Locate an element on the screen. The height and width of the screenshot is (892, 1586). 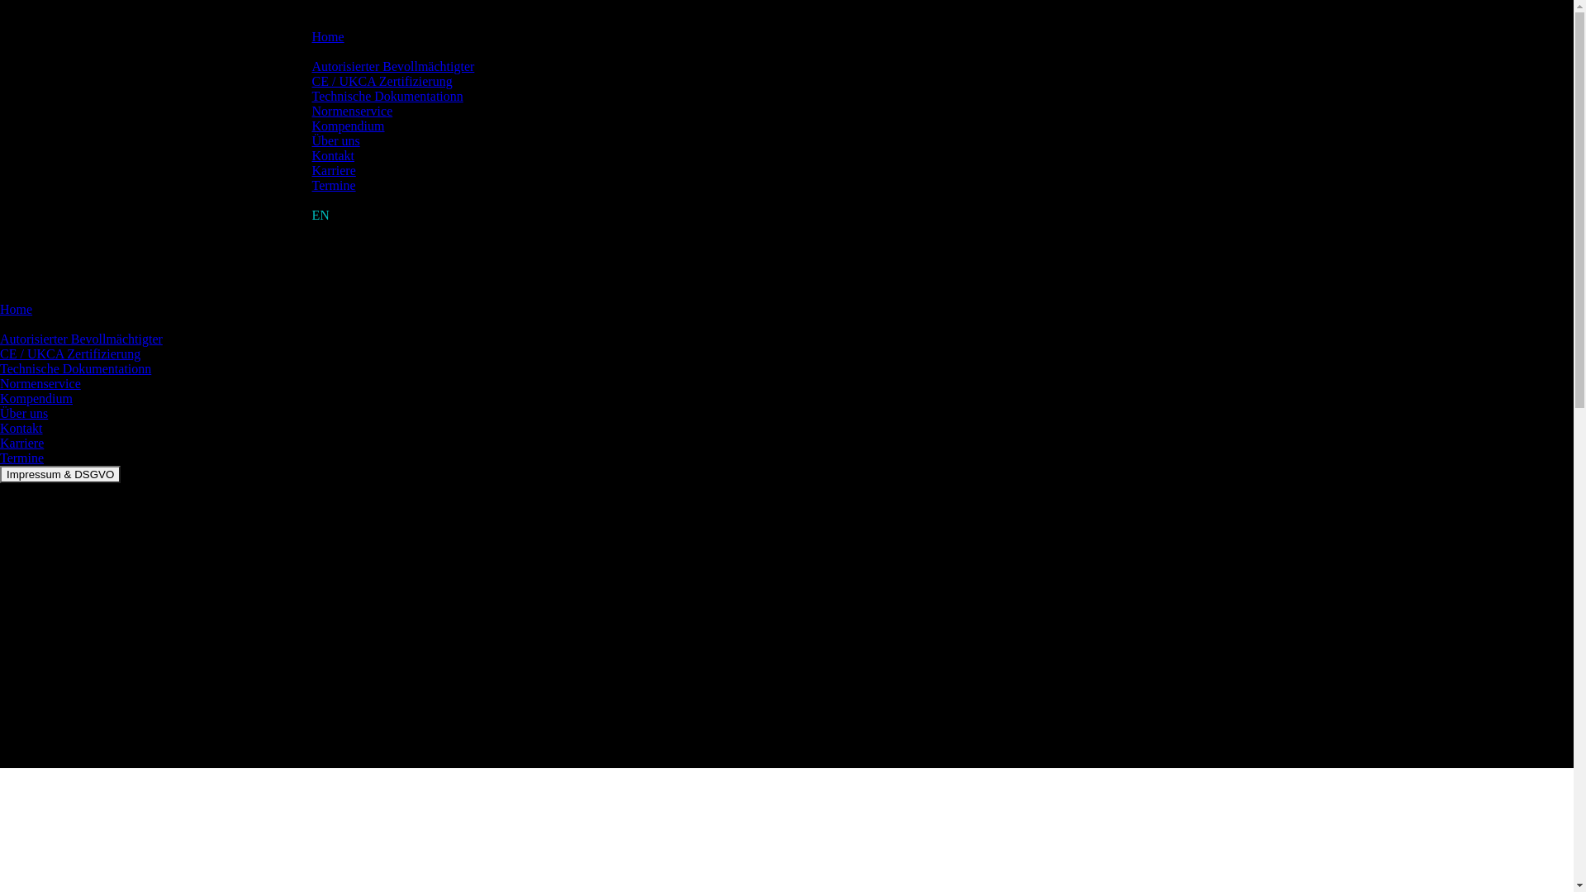
'Kontakt' is located at coordinates (0, 427).